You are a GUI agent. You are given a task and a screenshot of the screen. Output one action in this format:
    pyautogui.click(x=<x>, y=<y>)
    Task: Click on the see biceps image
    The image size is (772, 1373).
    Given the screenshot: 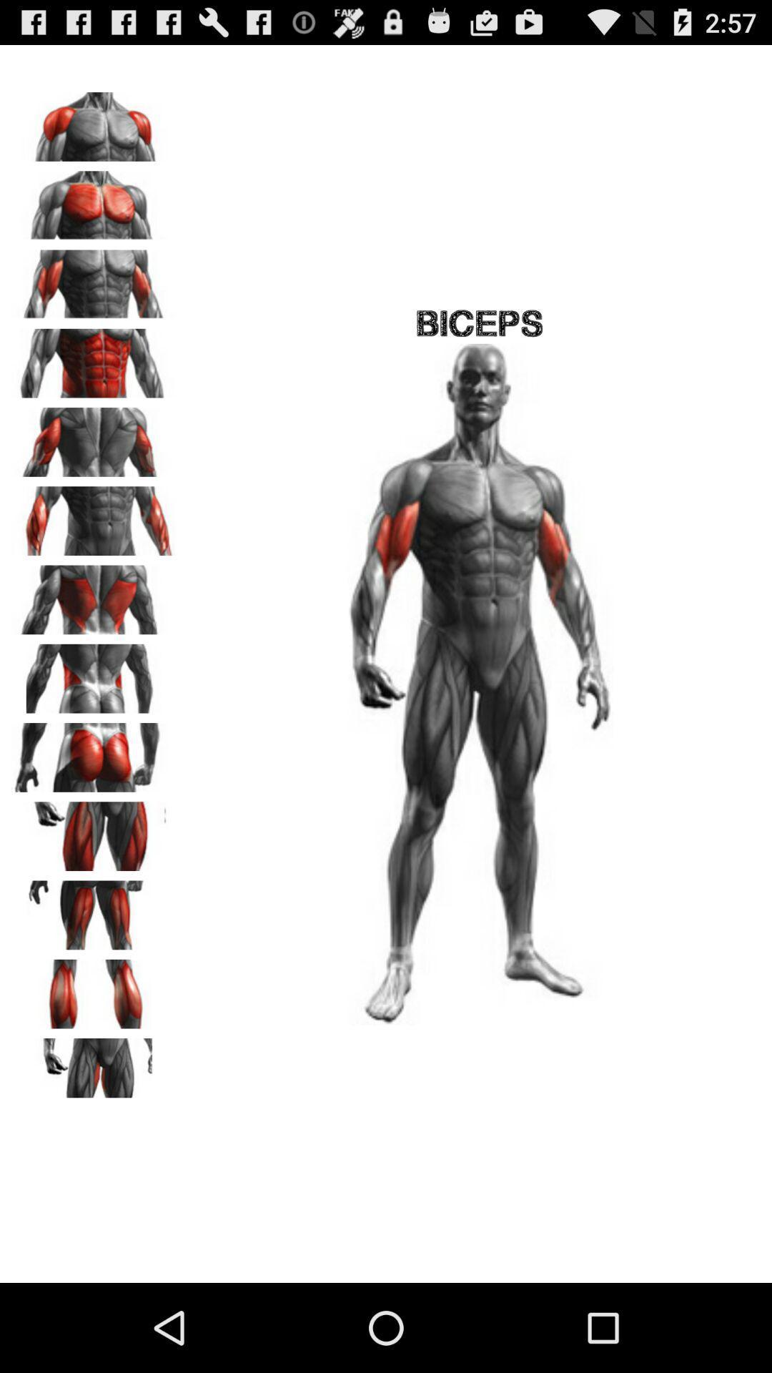 What is the action you would take?
    pyautogui.click(x=94, y=515)
    